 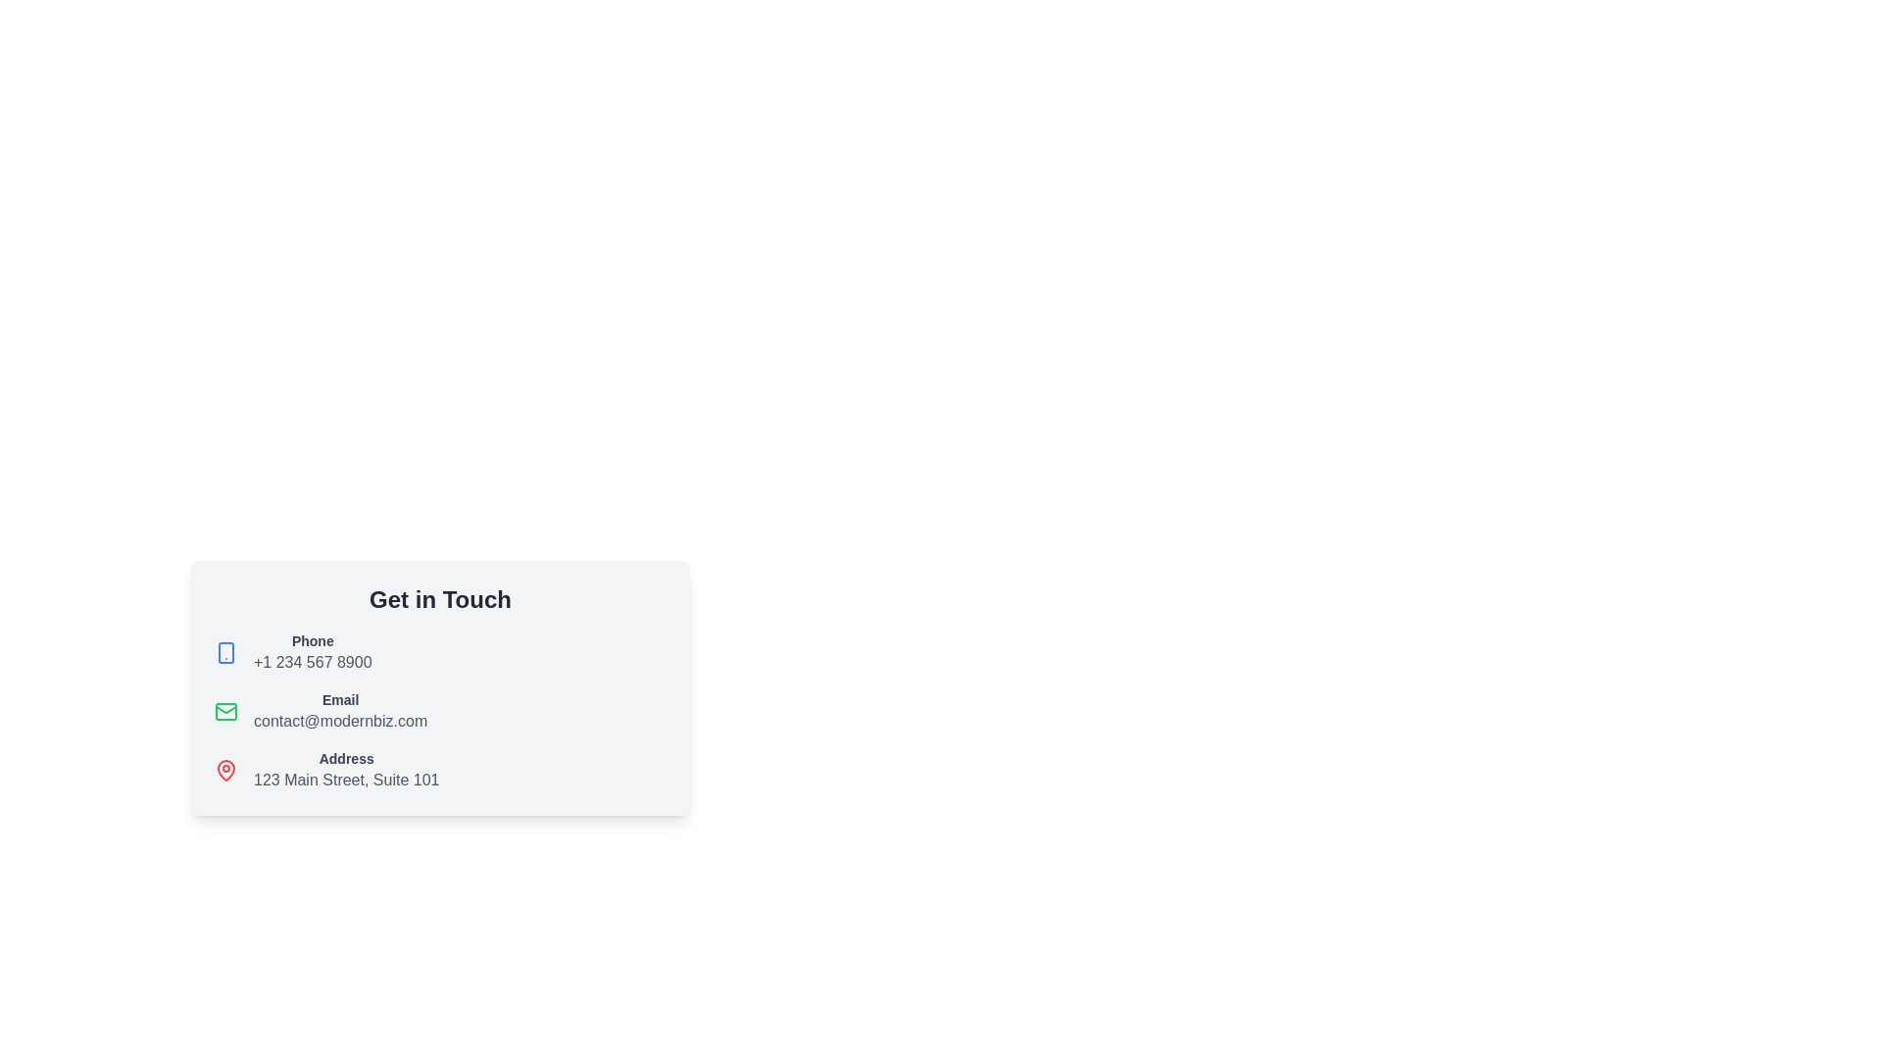 What do you see at coordinates (312, 653) in the screenshot?
I see `the Text Display element that shows the contact telephone number in the 'Get in Touch' section, positioned below the title and aligned with the smartphone icon` at bounding box center [312, 653].